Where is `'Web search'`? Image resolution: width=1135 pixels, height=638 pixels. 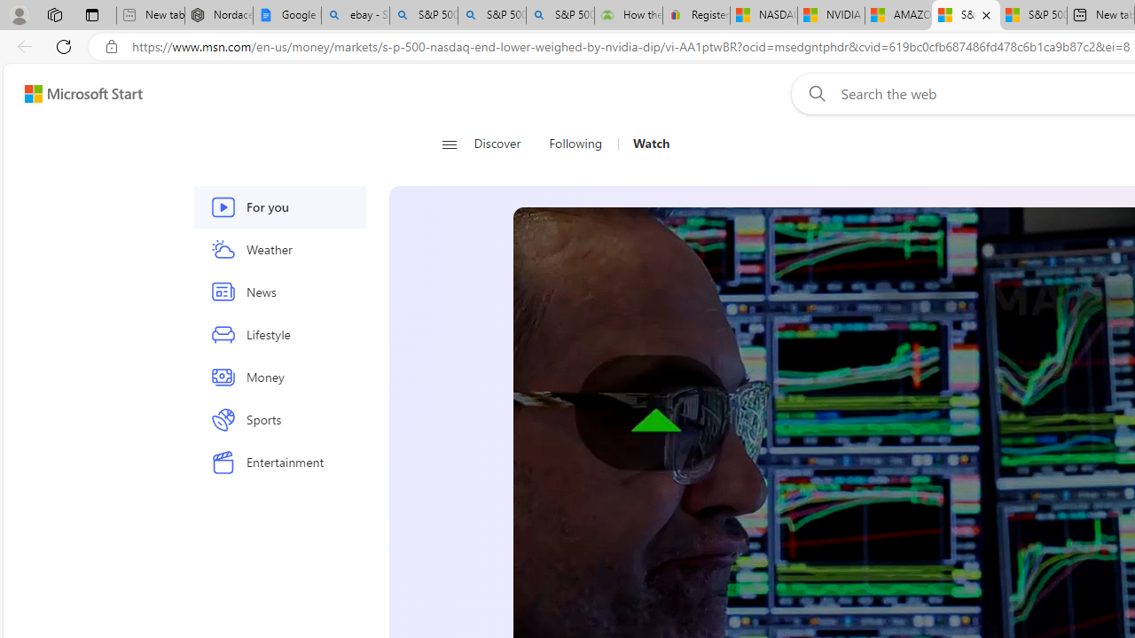
'Web search' is located at coordinates (812, 93).